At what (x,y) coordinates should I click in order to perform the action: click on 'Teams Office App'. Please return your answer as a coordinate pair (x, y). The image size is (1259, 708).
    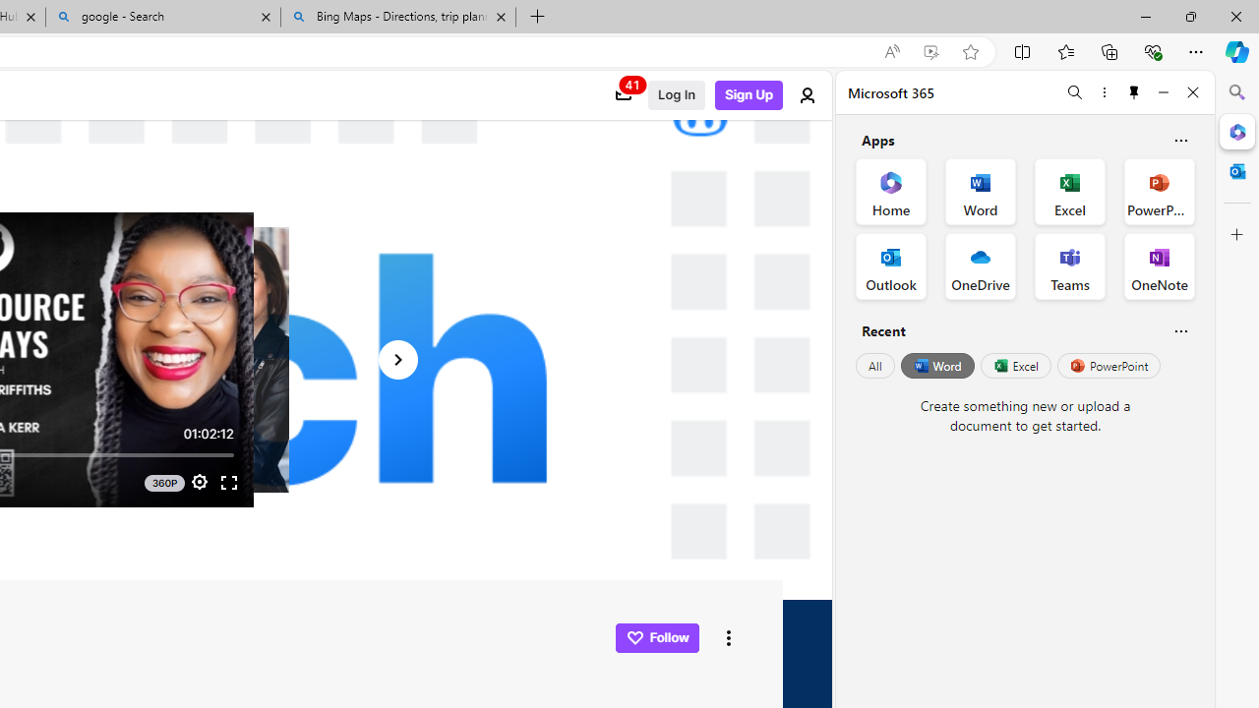
    Looking at the image, I should click on (1069, 266).